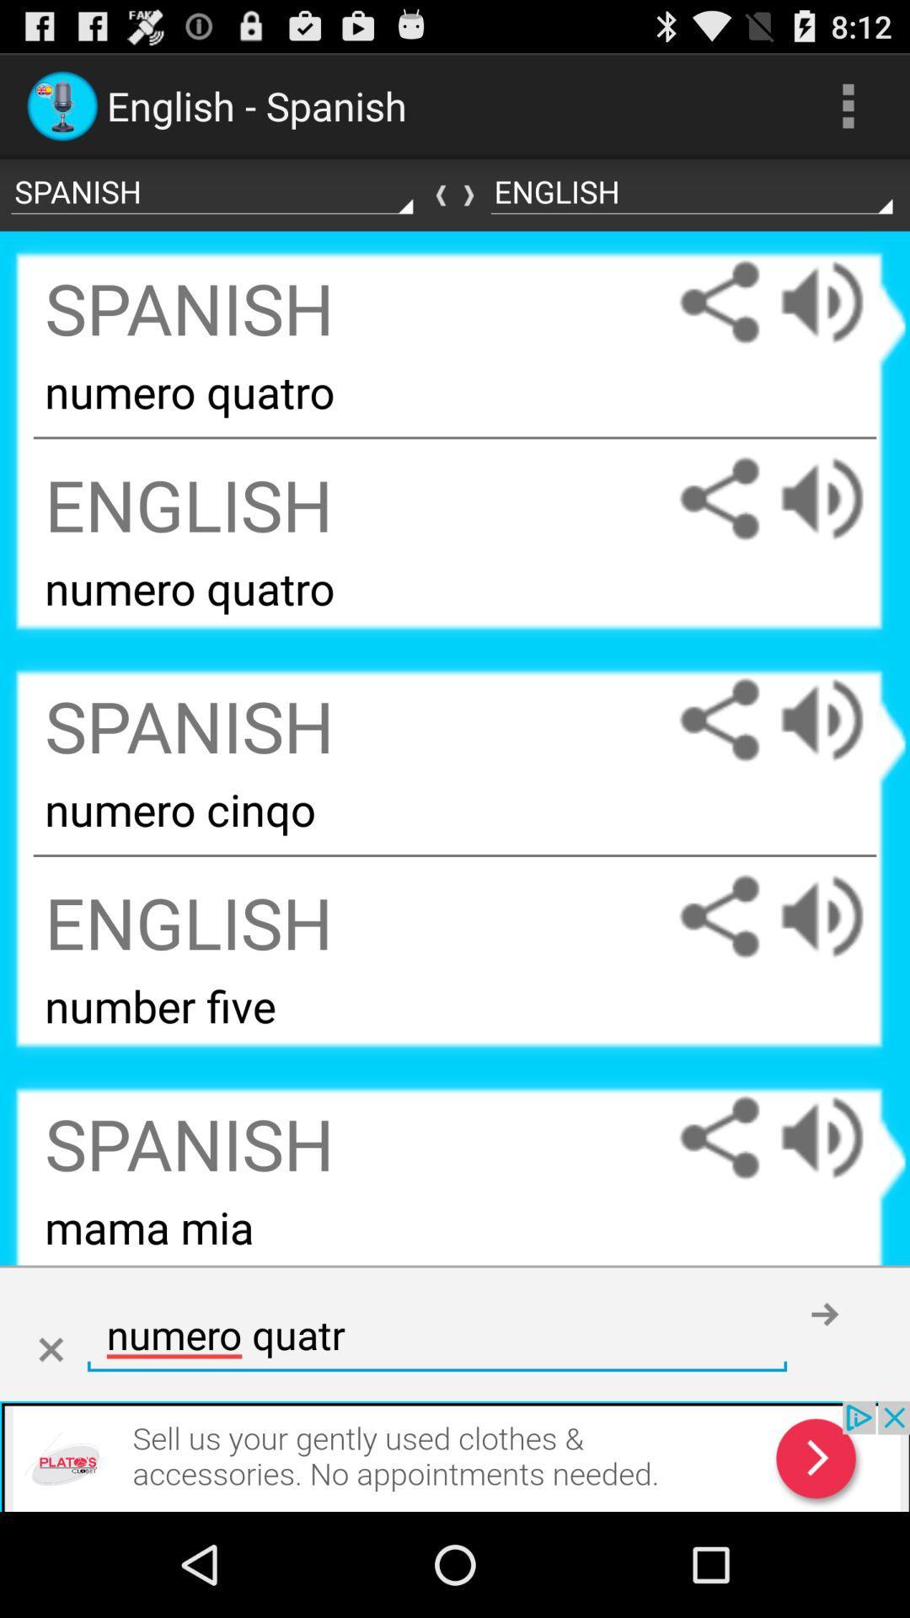  Describe the element at coordinates (824, 1406) in the screenshot. I see `the arrow_forward icon` at that location.